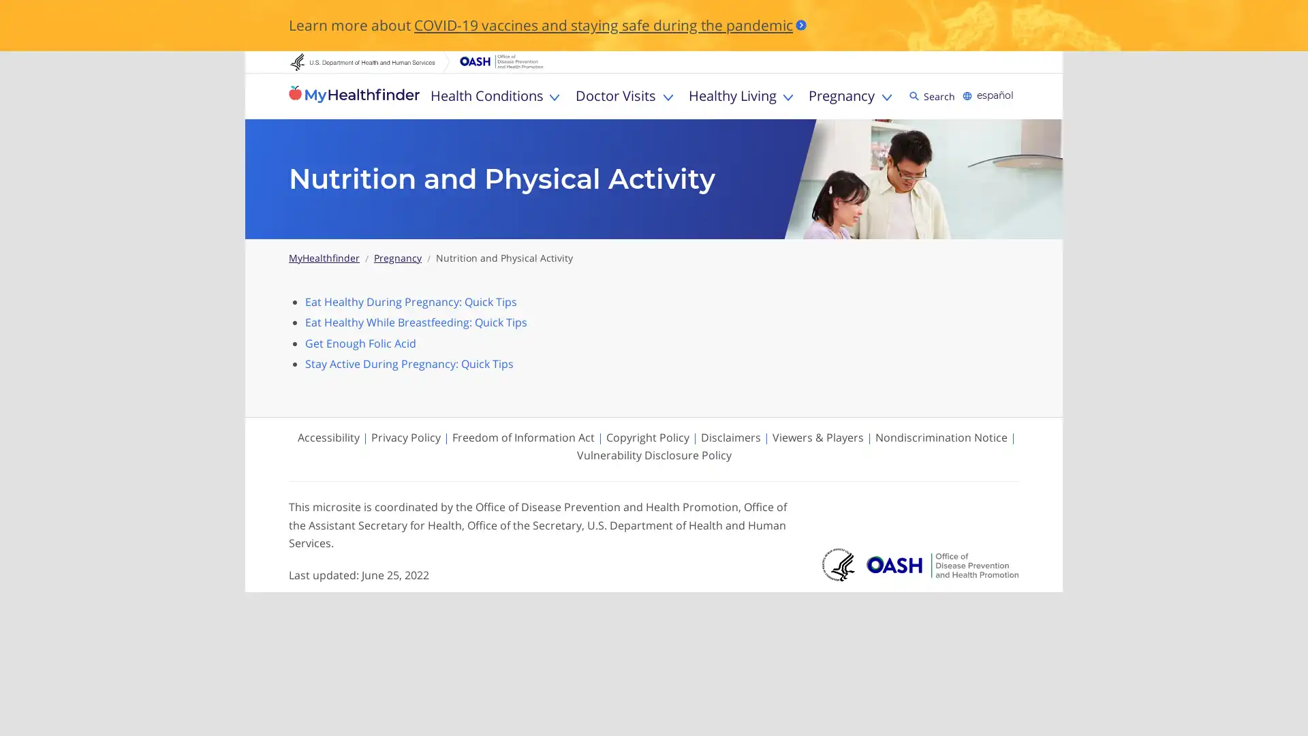  I want to click on Toggle Doctor Visits sub menu, so click(667, 95).